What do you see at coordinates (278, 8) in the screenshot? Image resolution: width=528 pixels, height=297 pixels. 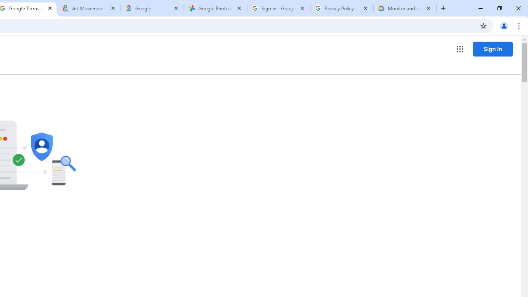 I see `'Sign in - Google Accounts'` at bounding box center [278, 8].